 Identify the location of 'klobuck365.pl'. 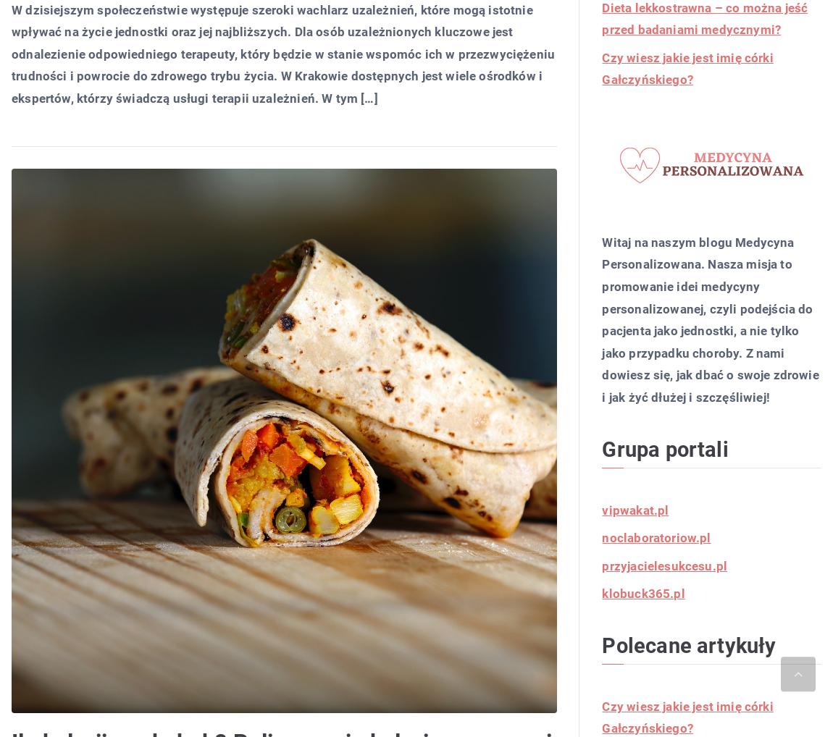
(643, 592).